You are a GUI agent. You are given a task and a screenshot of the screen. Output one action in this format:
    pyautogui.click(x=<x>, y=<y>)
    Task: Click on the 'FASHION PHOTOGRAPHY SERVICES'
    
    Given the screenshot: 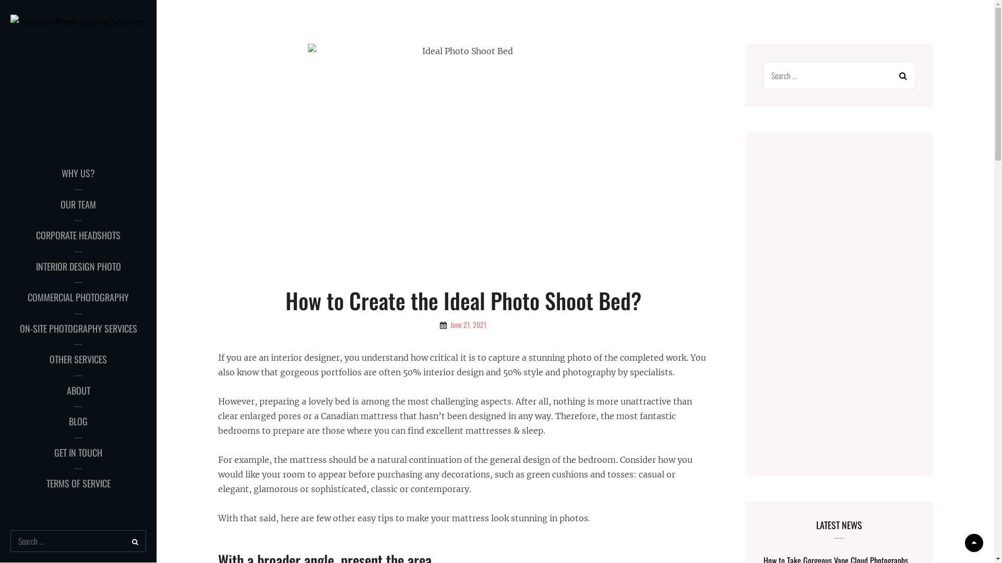 What is the action you would take?
    pyautogui.click(x=82, y=152)
    